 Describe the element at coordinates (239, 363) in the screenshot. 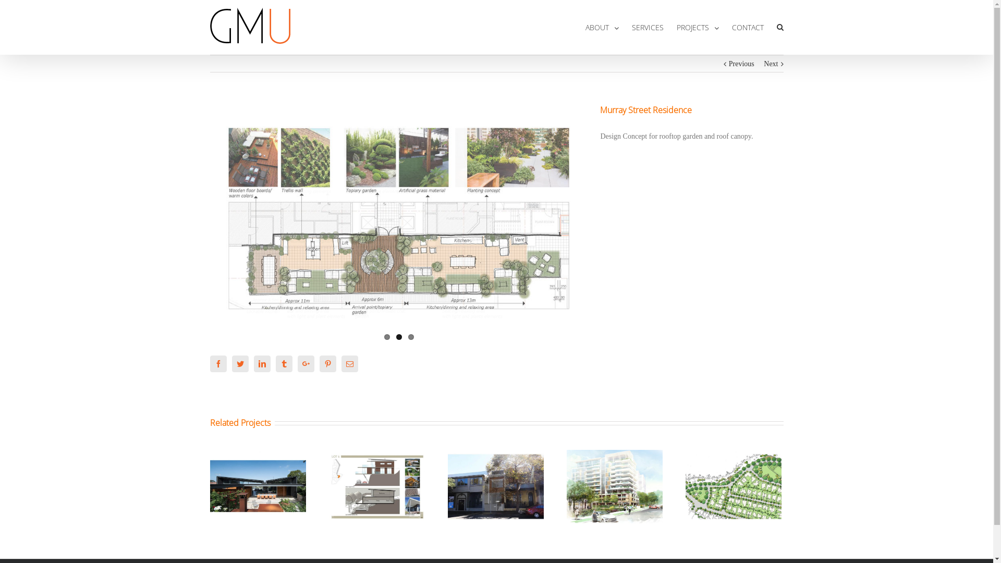

I see `'Twitter'` at that location.